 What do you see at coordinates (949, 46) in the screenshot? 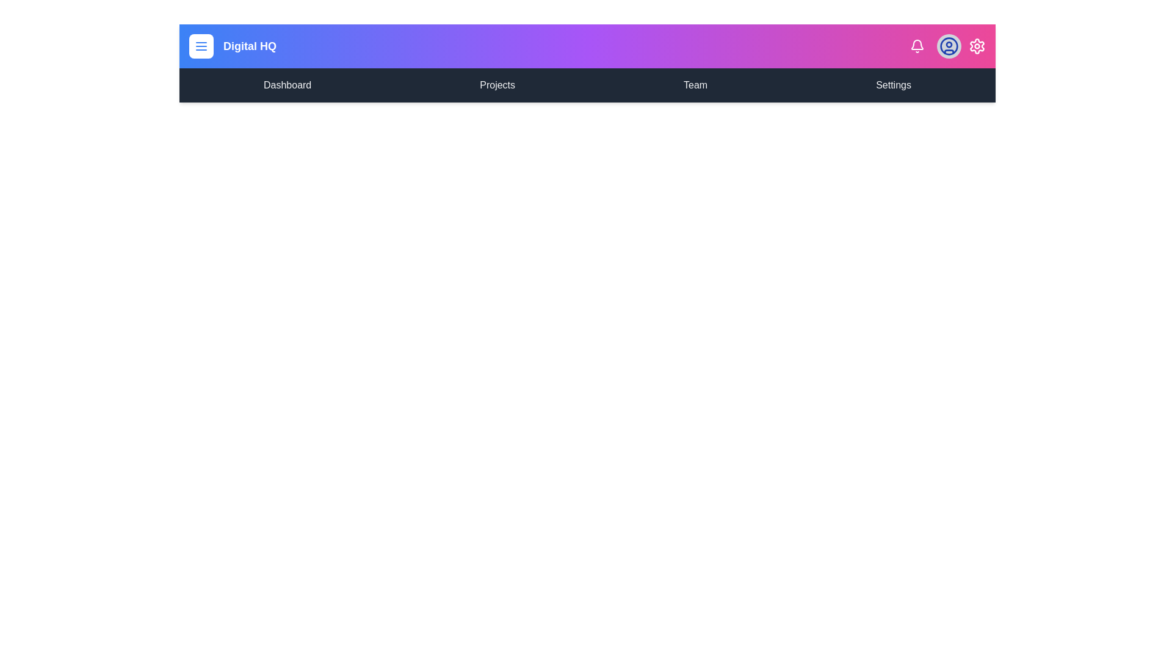
I see `the user profile icon to interact with it` at bounding box center [949, 46].